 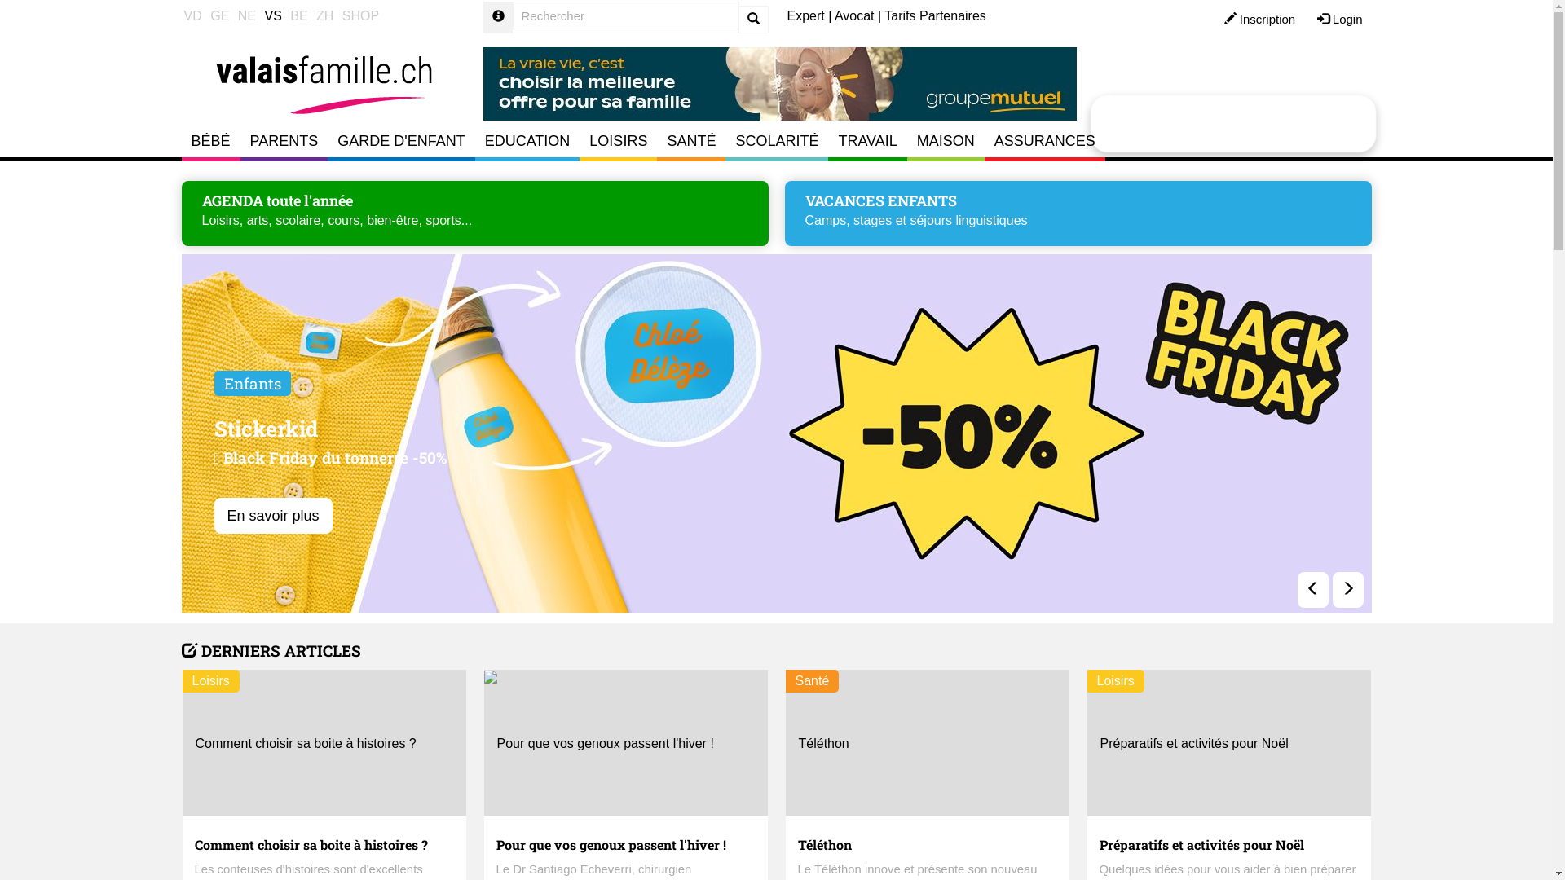 What do you see at coordinates (984, 140) in the screenshot?
I see `'ASSURANCES'` at bounding box center [984, 140].